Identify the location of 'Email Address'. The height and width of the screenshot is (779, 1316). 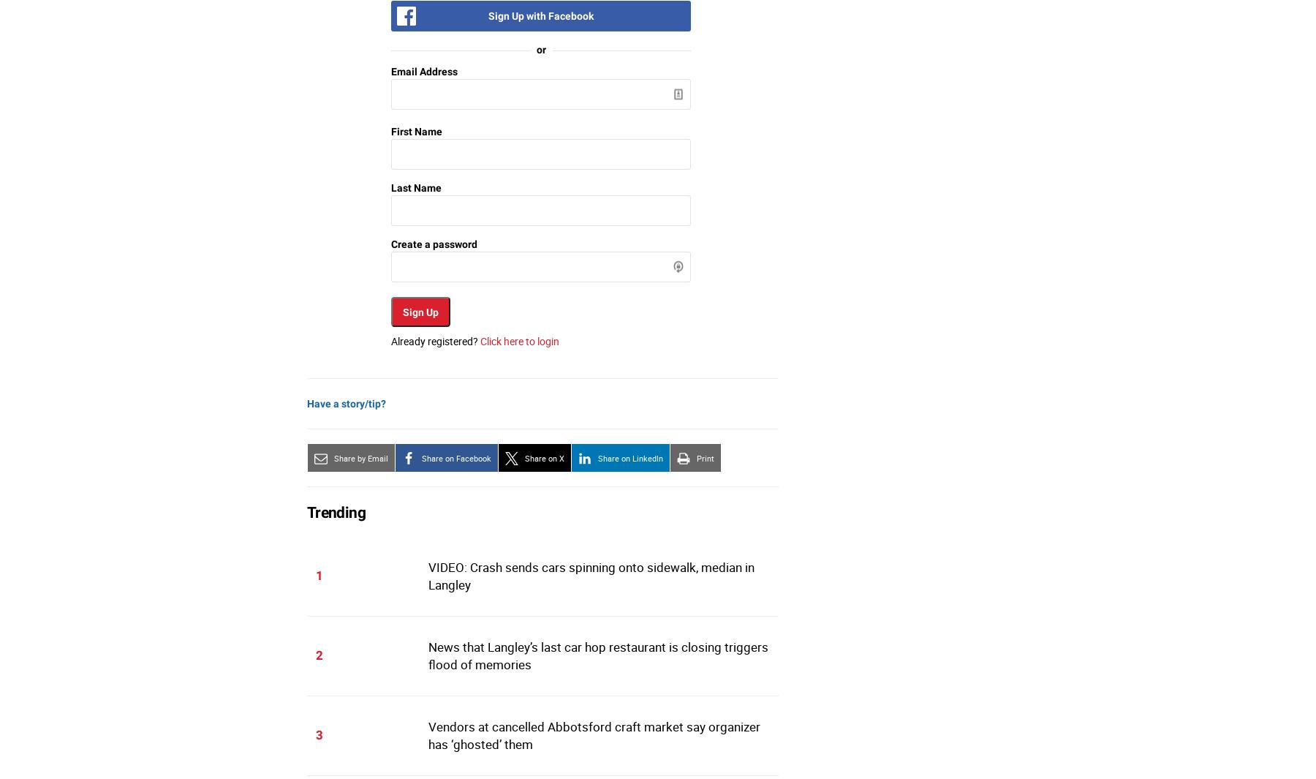
(424, 70).